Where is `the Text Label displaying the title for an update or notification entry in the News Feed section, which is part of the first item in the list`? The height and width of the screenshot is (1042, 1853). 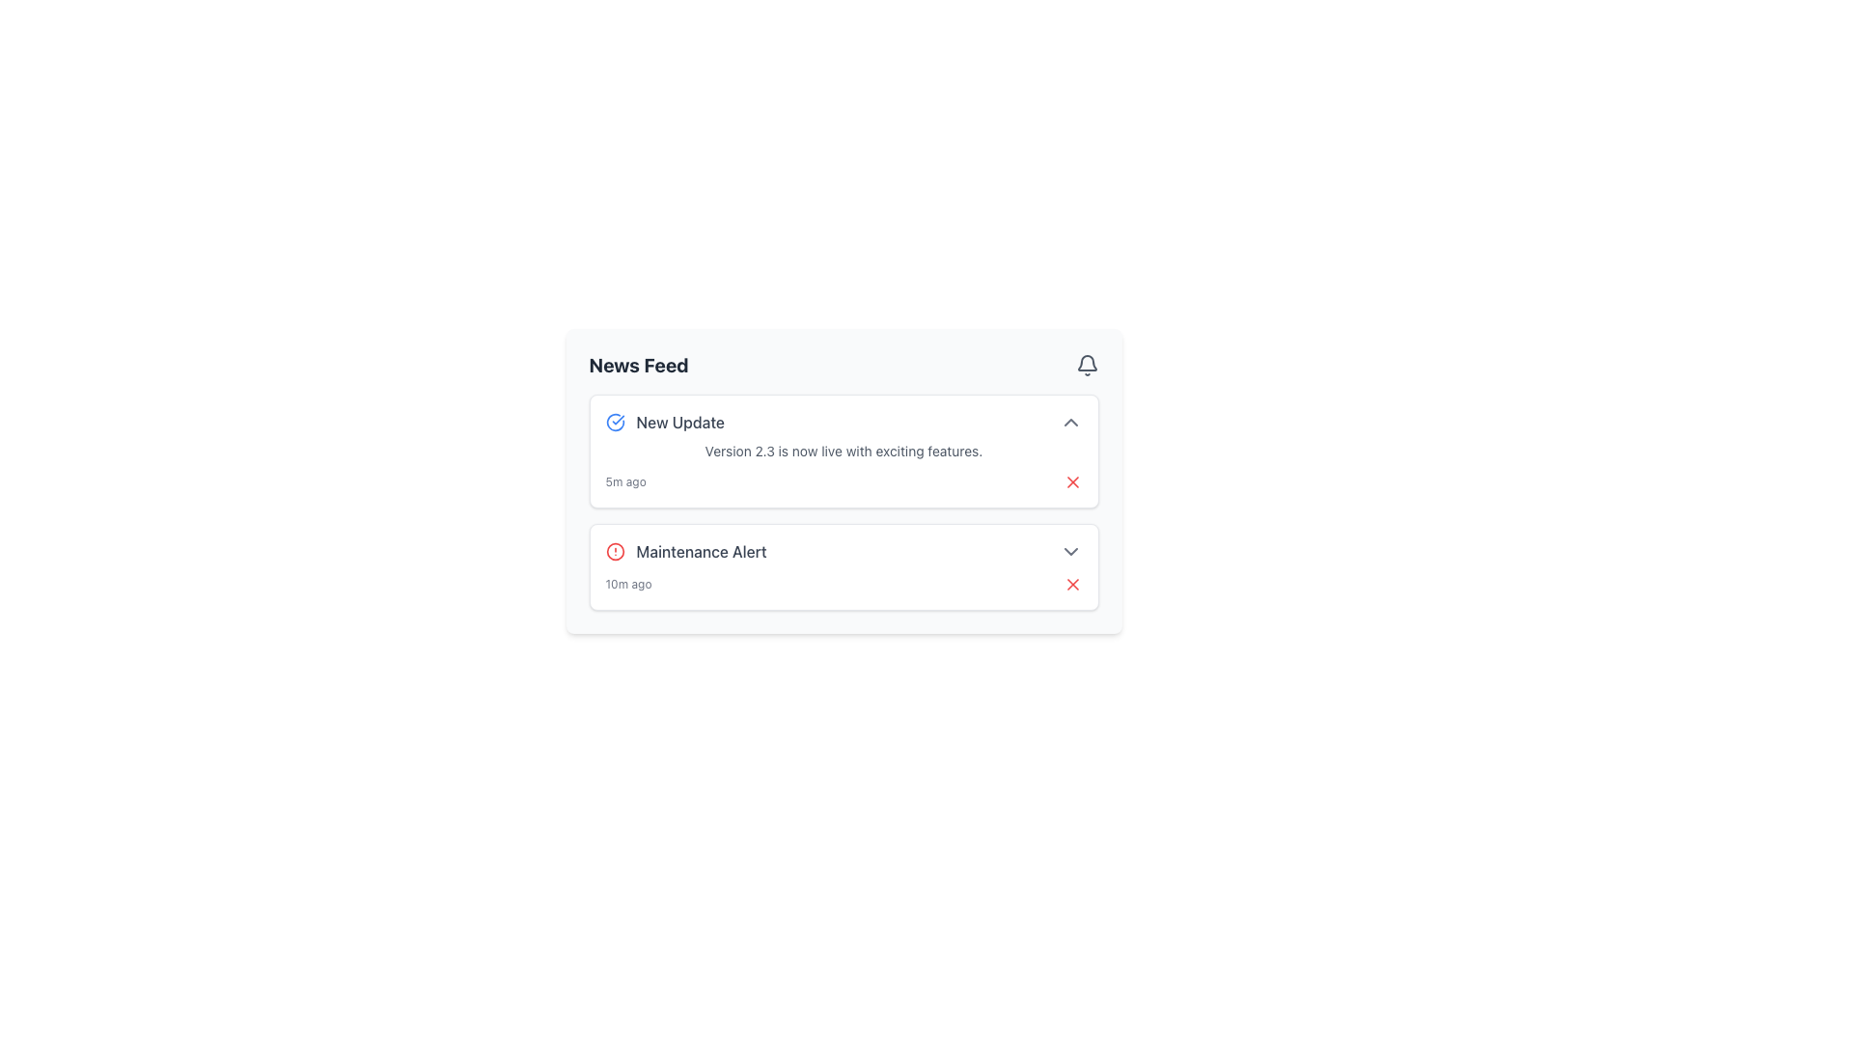 the Text Label displaying the title for an update or notification entry in the News Feed section, which is part of the first item in the list is located at coordinates (665, 422).